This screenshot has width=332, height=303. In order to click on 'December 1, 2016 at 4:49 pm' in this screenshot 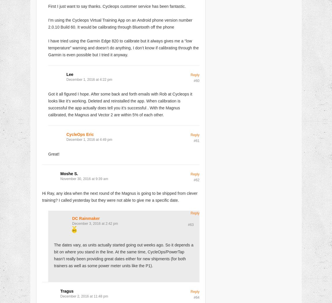, I will do `click(89, 139)`.